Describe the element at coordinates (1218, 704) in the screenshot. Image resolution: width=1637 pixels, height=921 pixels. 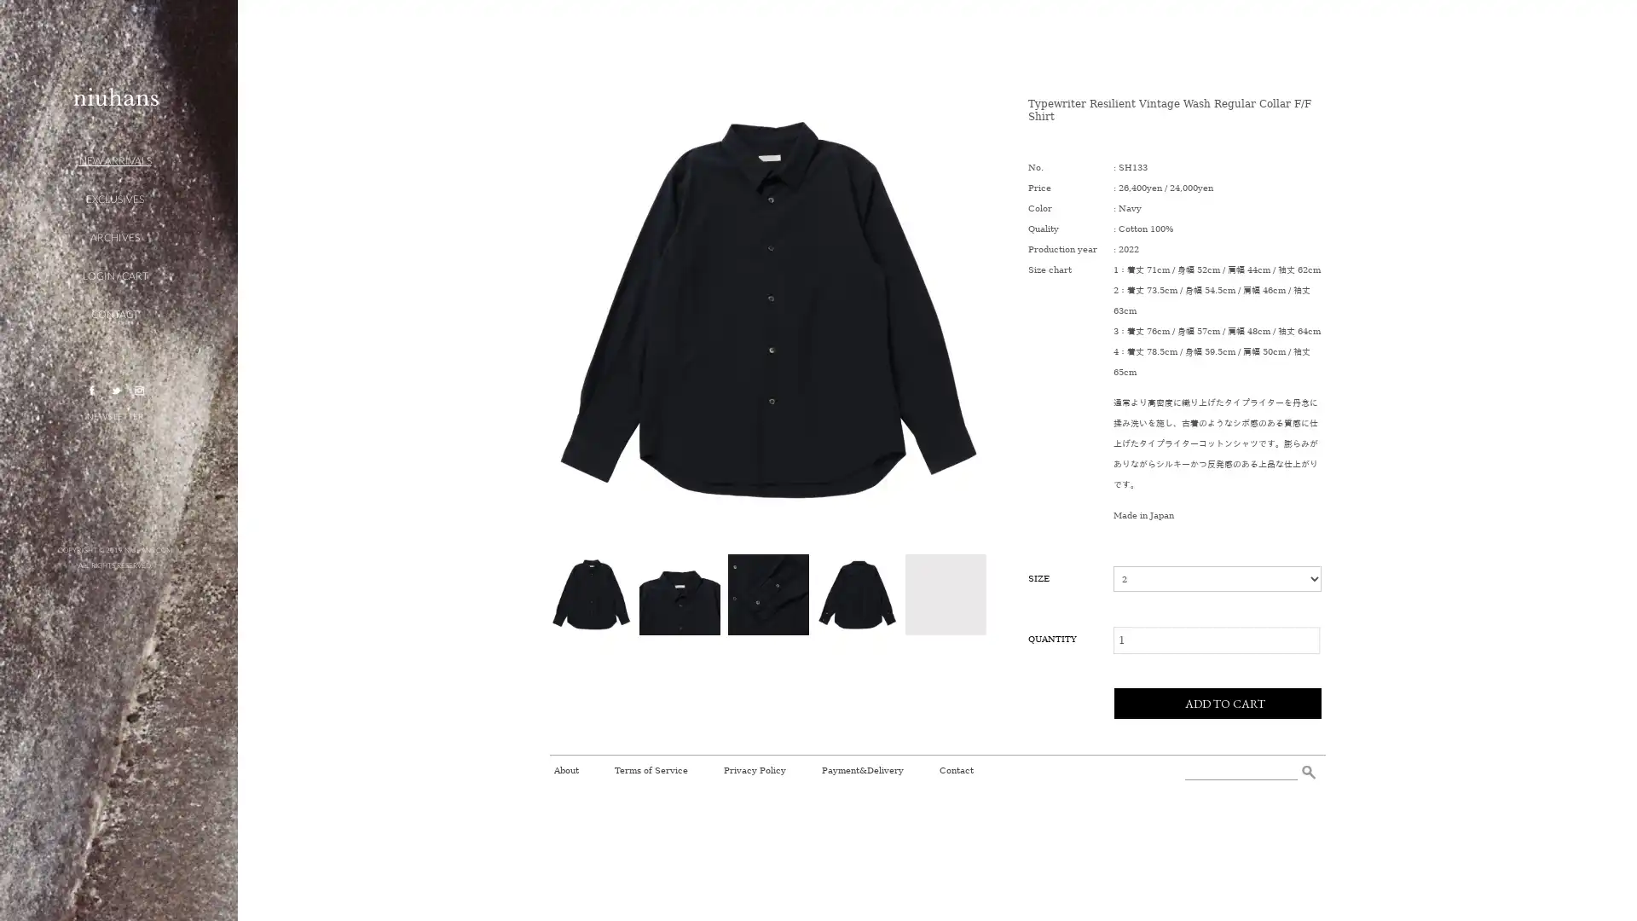
I see `ADD TO CART` at that location.